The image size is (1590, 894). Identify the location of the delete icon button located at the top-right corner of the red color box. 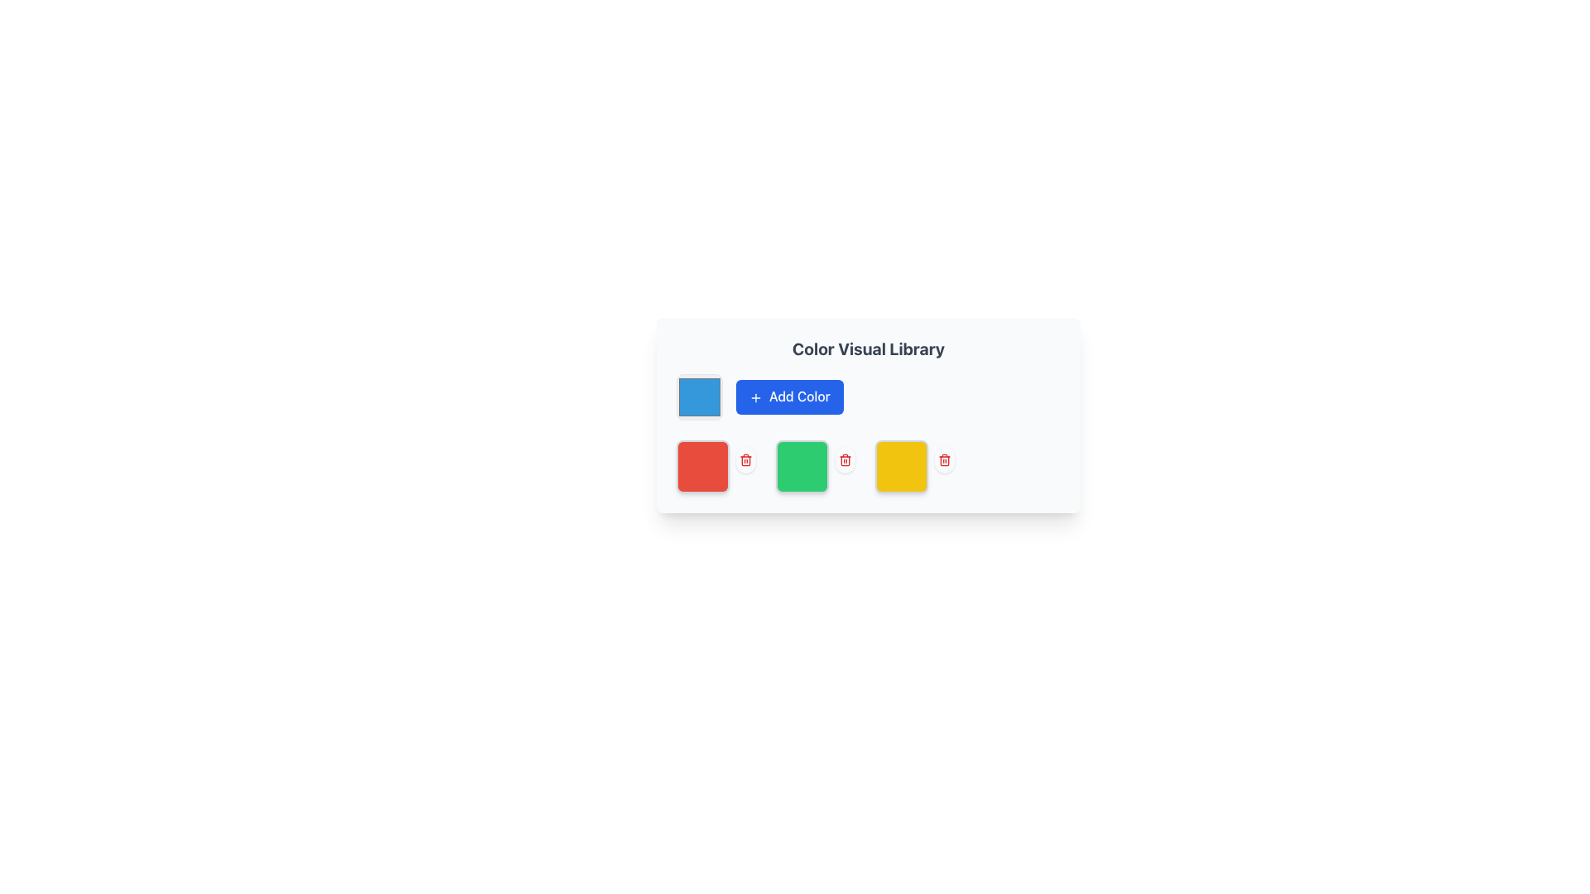
(745, 459).